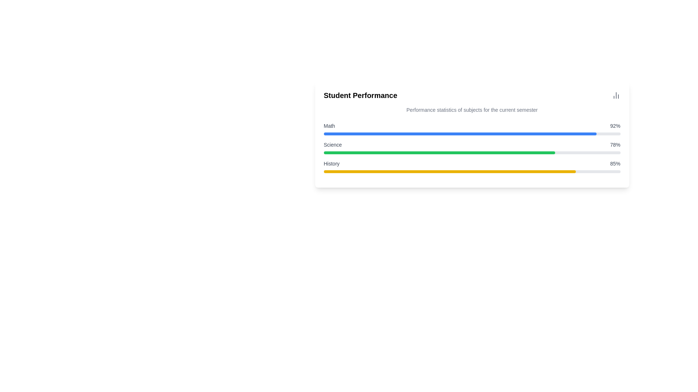 Image resolution: width=698 pixels, height=392 pixels. Describe the element at coordinates (472, 128) in the screenshot. I see `the interactive labels of the first progress bar under the heading 'Student Performance' which visually represents the performance score in mathematics` at that location.